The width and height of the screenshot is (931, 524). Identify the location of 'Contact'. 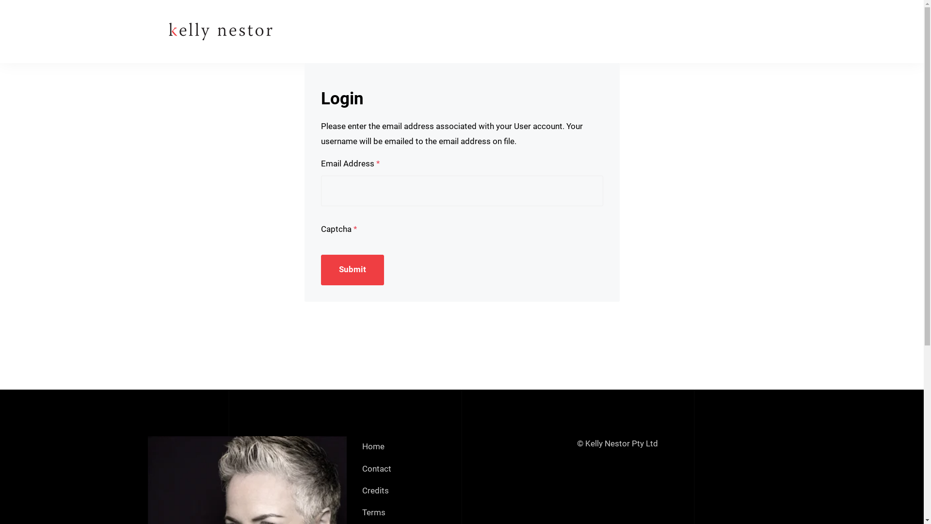
(376, 468).